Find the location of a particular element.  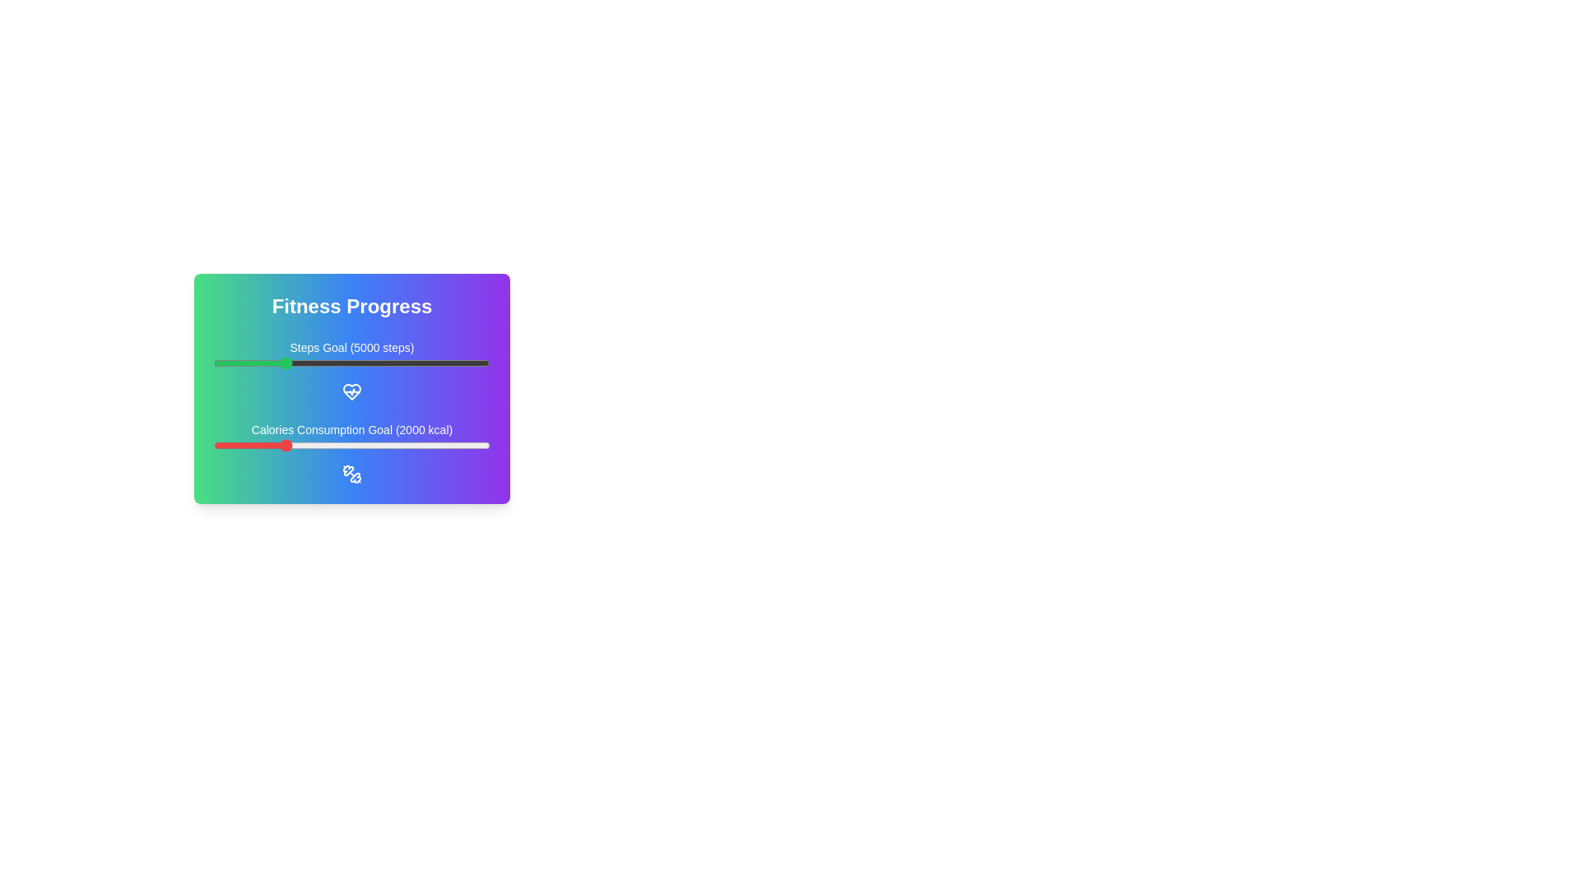

the steps goal is located at coordinates (221, 363).